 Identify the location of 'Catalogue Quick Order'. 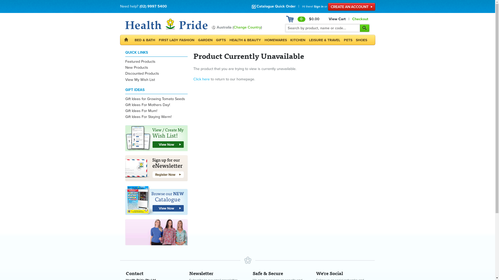
(273, 6).